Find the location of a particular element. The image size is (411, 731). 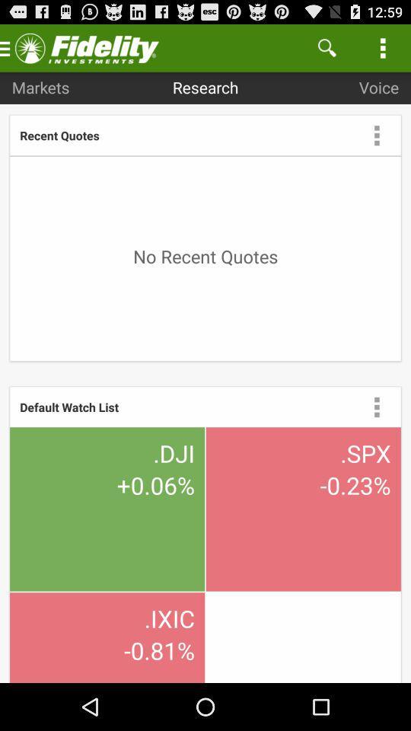

app next to the research is located at coordinates (40, 87).